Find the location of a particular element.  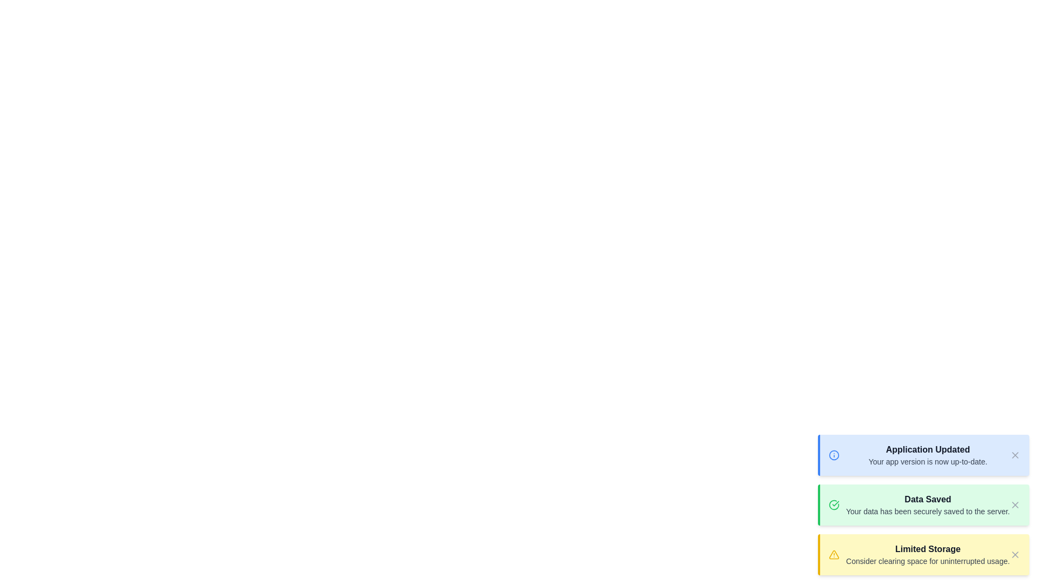

the close button of the notification with the title Application Updated is located at coordinates (1014, 455).